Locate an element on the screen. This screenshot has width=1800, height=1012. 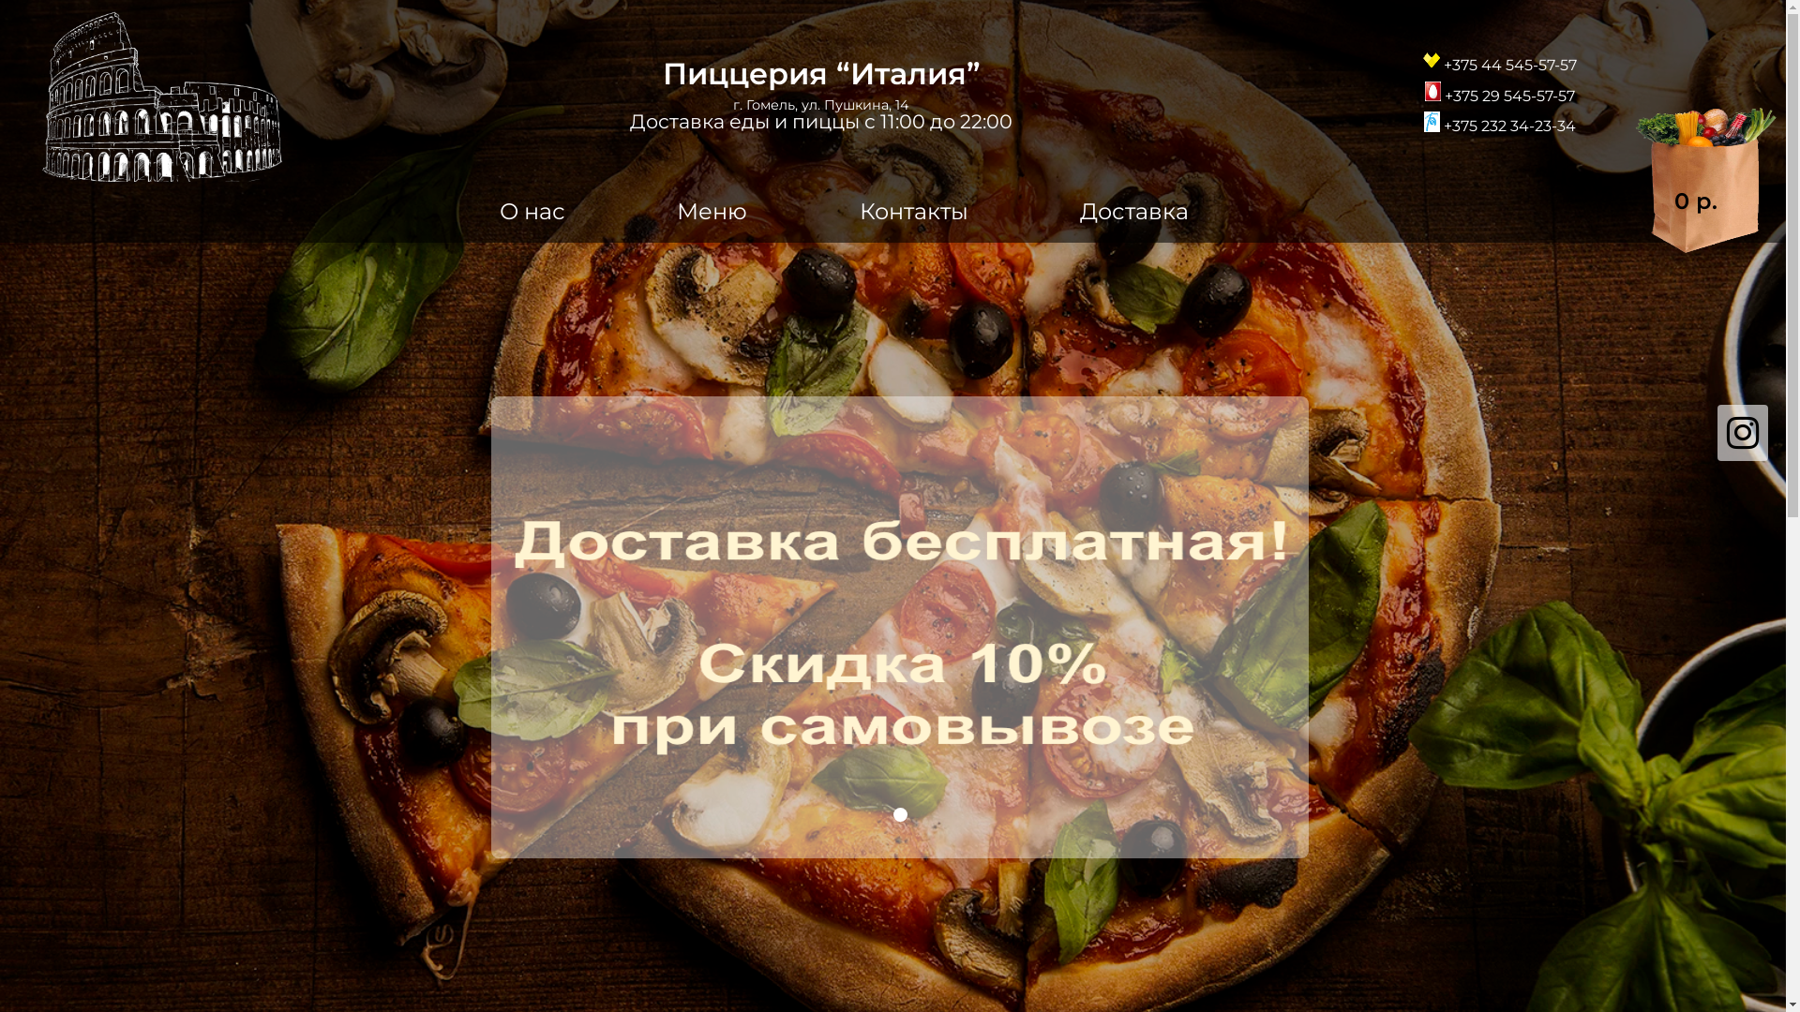
'+375 232 34-23-34' is located at coordinates (1498, 122).